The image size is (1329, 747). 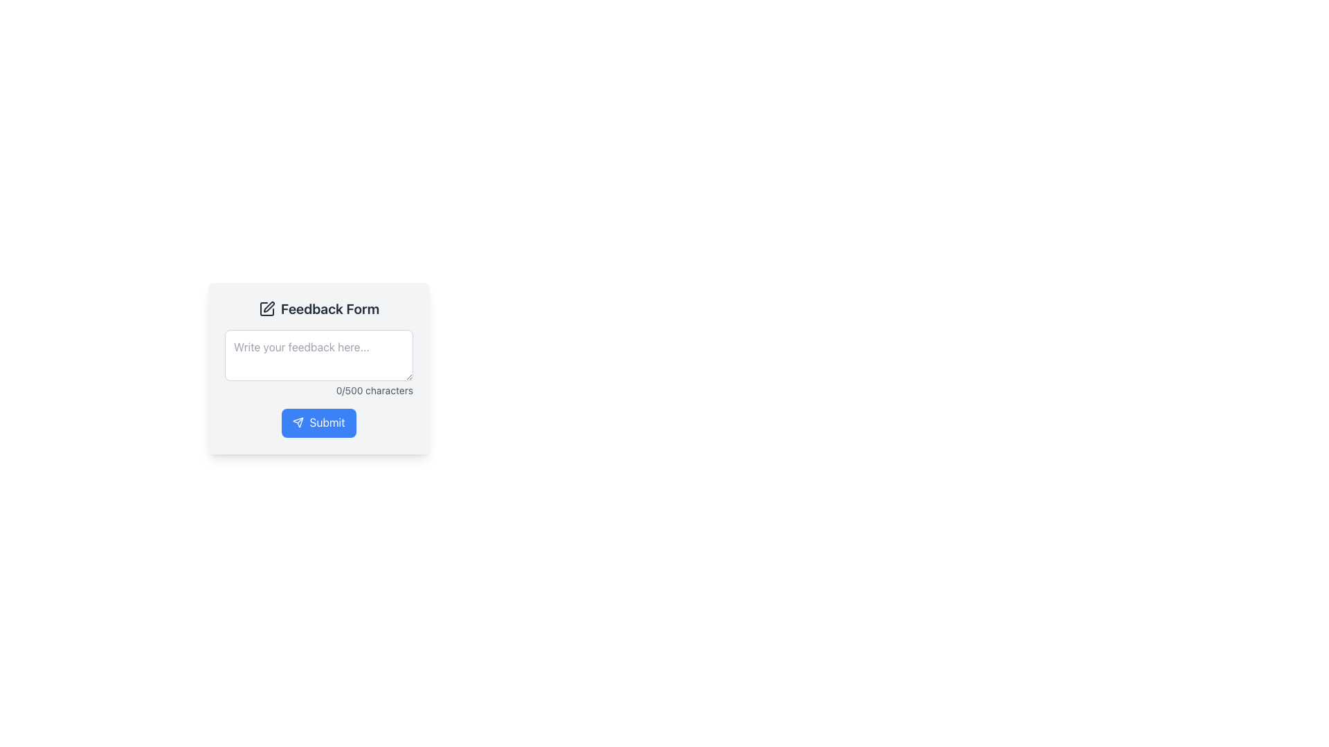 I want to click on the Character Counter element that indicates the number of characters entered in the feedback input box, positioned below the feedback input field and above the 'Submit' button, so click(x=318, y=390).